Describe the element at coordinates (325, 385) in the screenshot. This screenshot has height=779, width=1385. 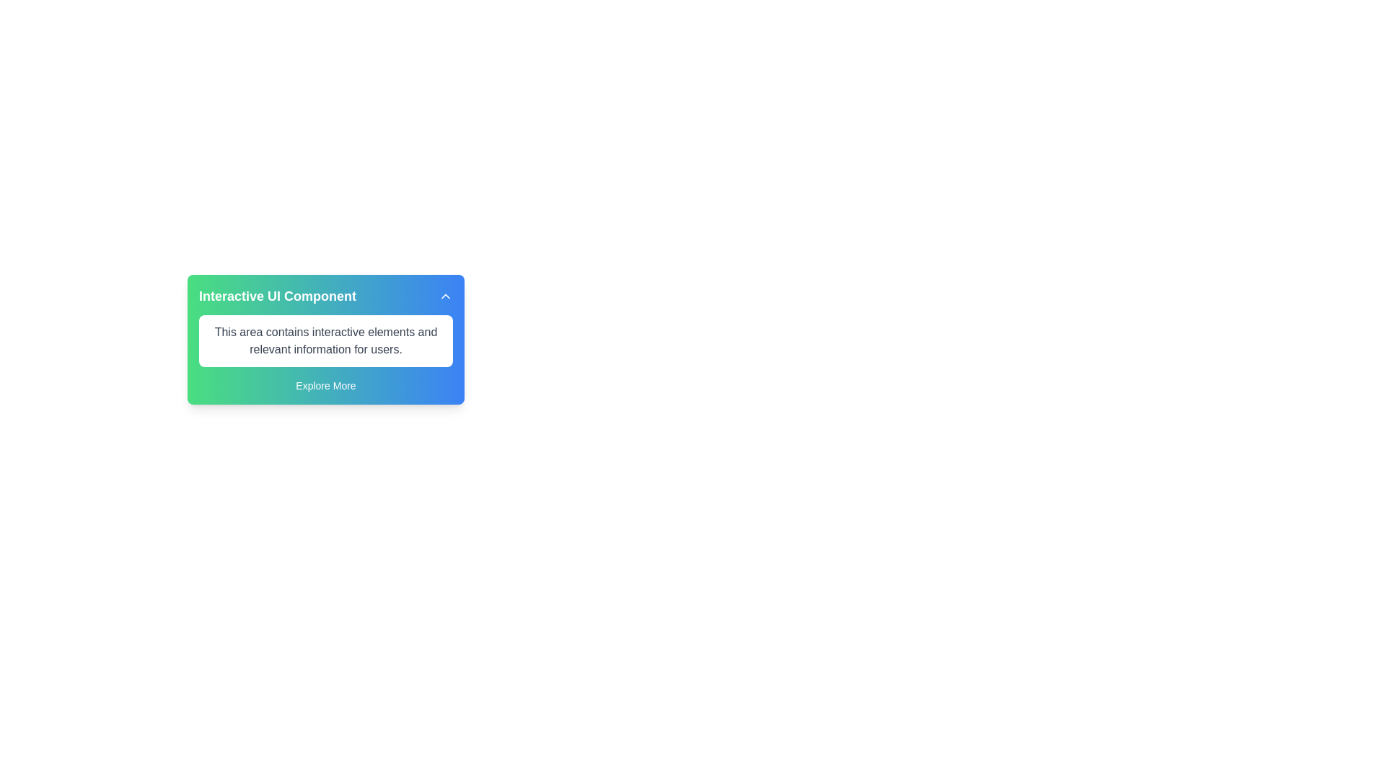
I see `the 'Explore More' button located at the bottom of the blue-to-green gradient panel` at that location.